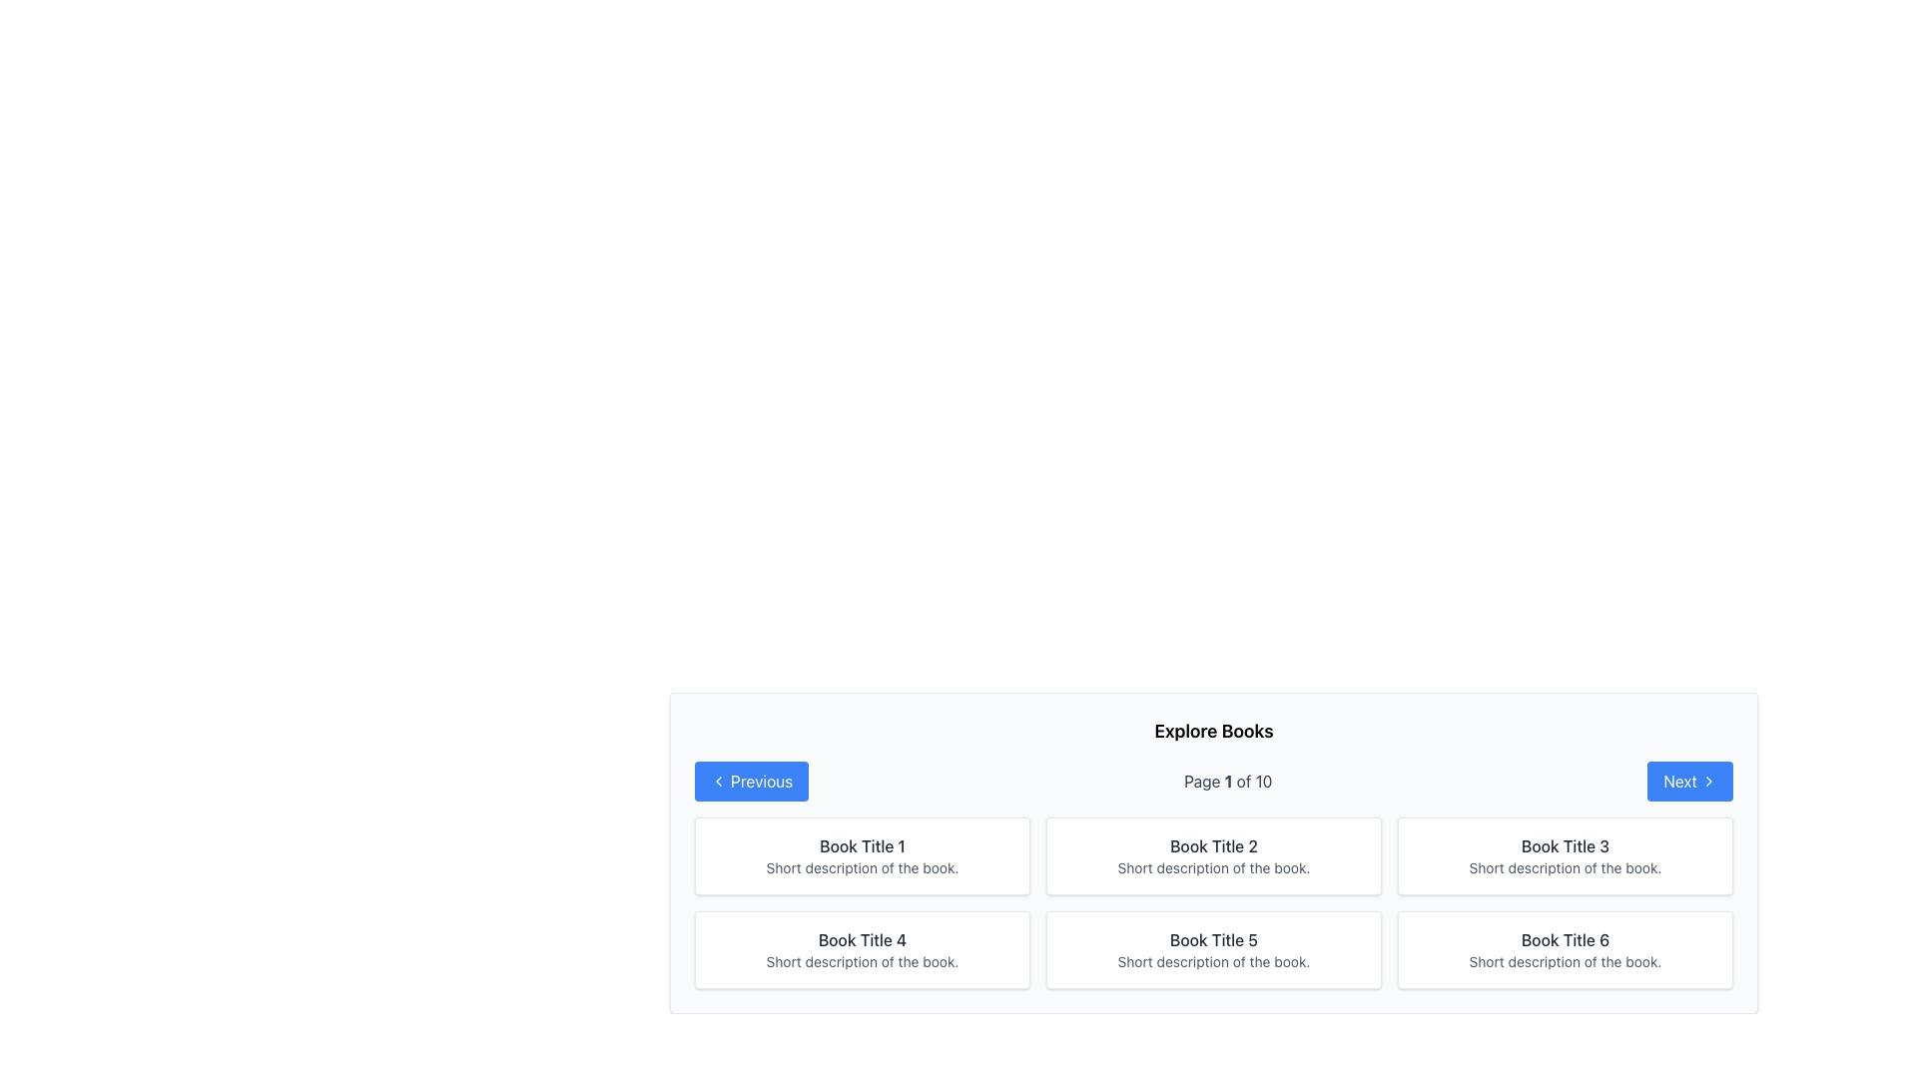 The width and height of the screenshot is (1917, 1078). I want to click on the text label providing a brief description of a book, located in the second column of the top row, immediately below 'Book Title 2', so click(1212, 867).